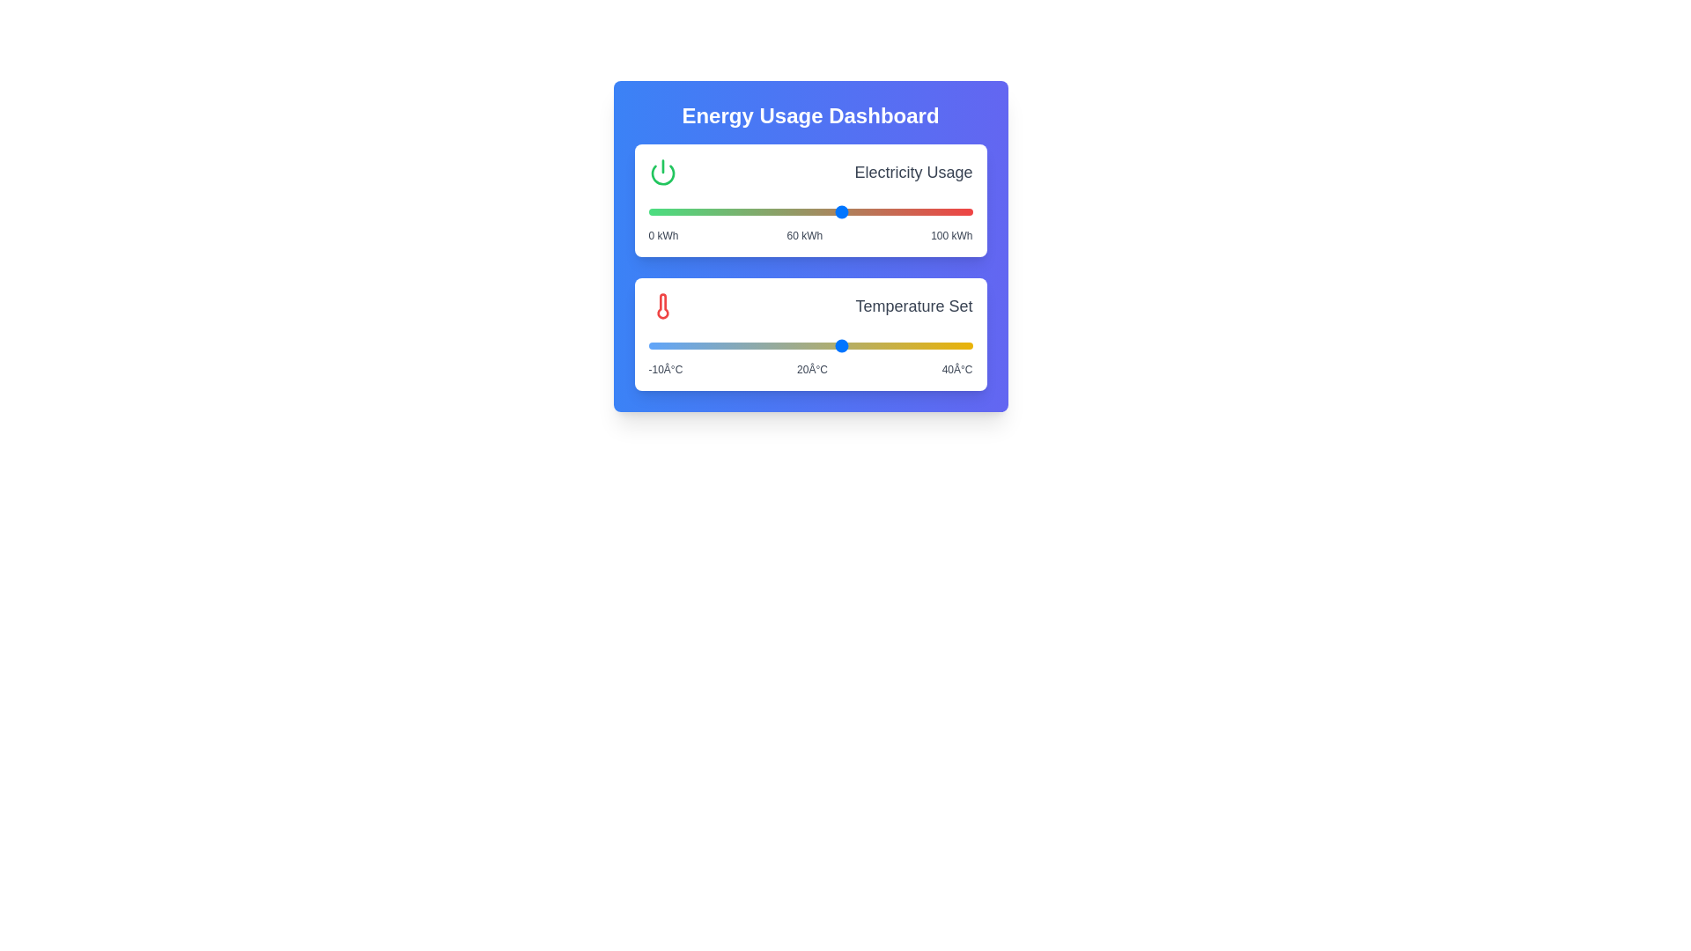 The width and height of the screenshot is (1691, 951). I want to click on the temperature slider to 32°C, so click(919, 346).